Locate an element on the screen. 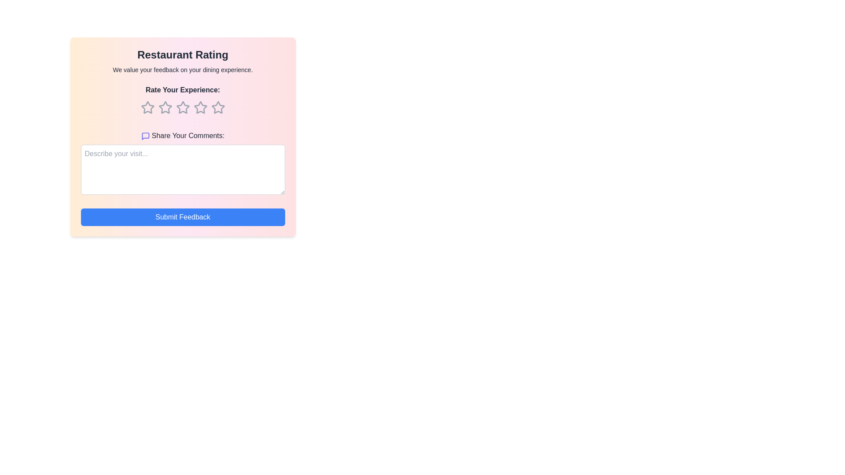 Image resolution: width=845 pixels, height=475 pixels. the first hollow star icon in the rating system is located at coordinates (147, 107).